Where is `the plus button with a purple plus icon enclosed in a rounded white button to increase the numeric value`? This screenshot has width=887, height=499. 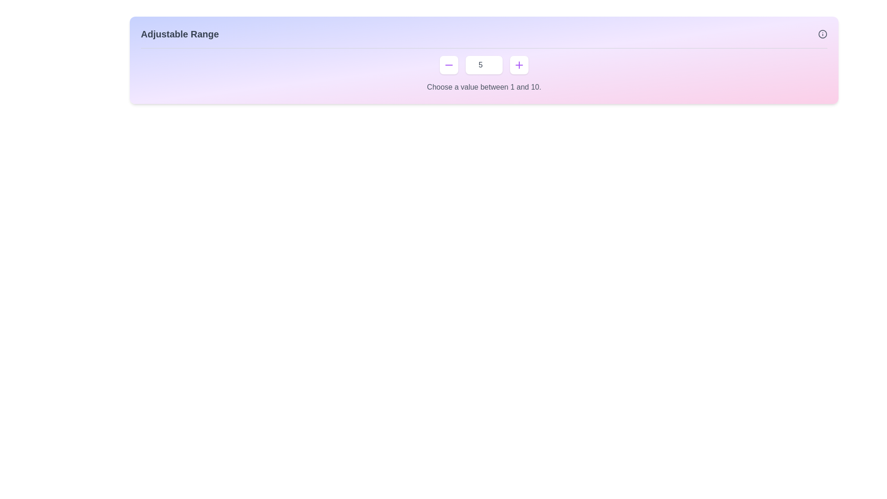
the plus button with a purple plus icon enclosed in a rounded white button to increase the numeric value is located at coordinates (519, 65).